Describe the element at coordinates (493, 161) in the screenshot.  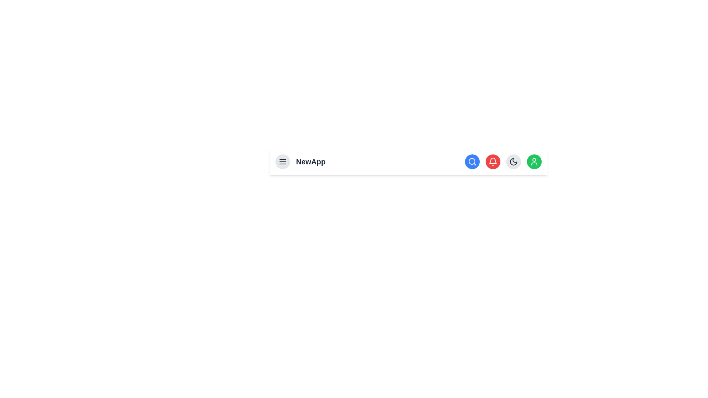
I see `the notification button to interact with it` at that location.